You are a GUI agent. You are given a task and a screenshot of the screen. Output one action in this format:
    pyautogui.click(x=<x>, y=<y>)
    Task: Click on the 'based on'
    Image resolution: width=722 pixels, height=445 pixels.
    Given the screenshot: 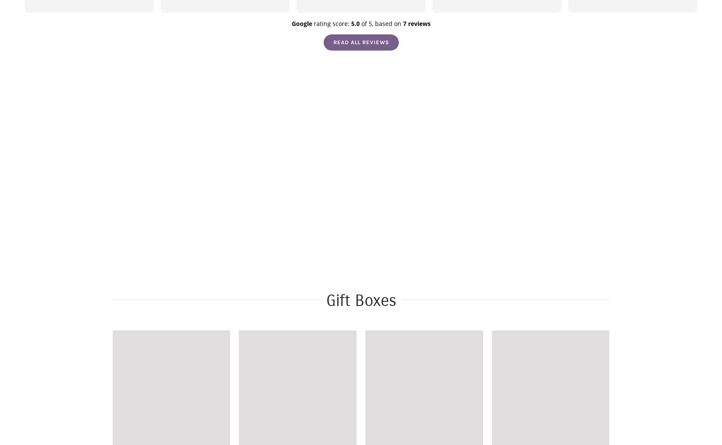 What is the action you would take?
    pyautogui.click(x=374, y=23)
    